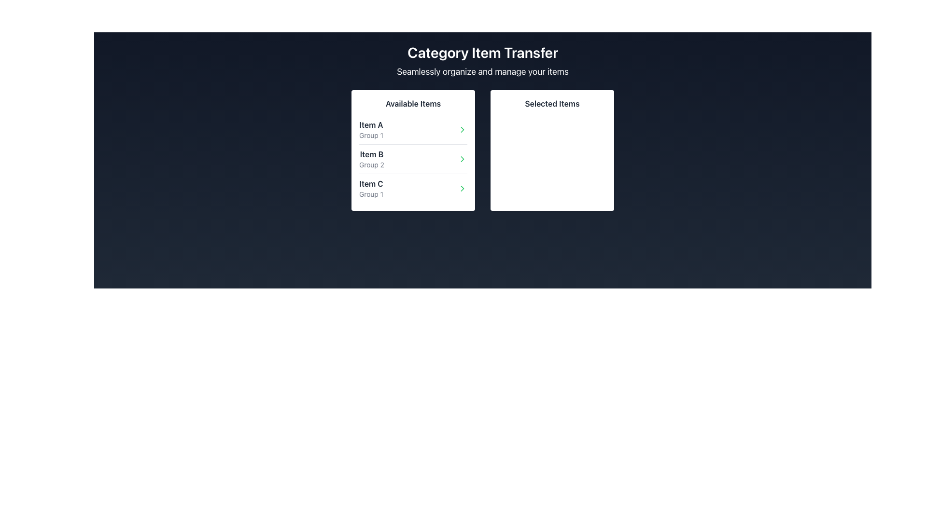 The height and width of the screenshot is (521, 927). What do you see at coordinates (462, 188) in the screenshot?
I see `the third right-pointing chevron icon associated with 'Item C, Group 1' in the 'Available Items' section of the left panel` at bounding box center [462, 188].